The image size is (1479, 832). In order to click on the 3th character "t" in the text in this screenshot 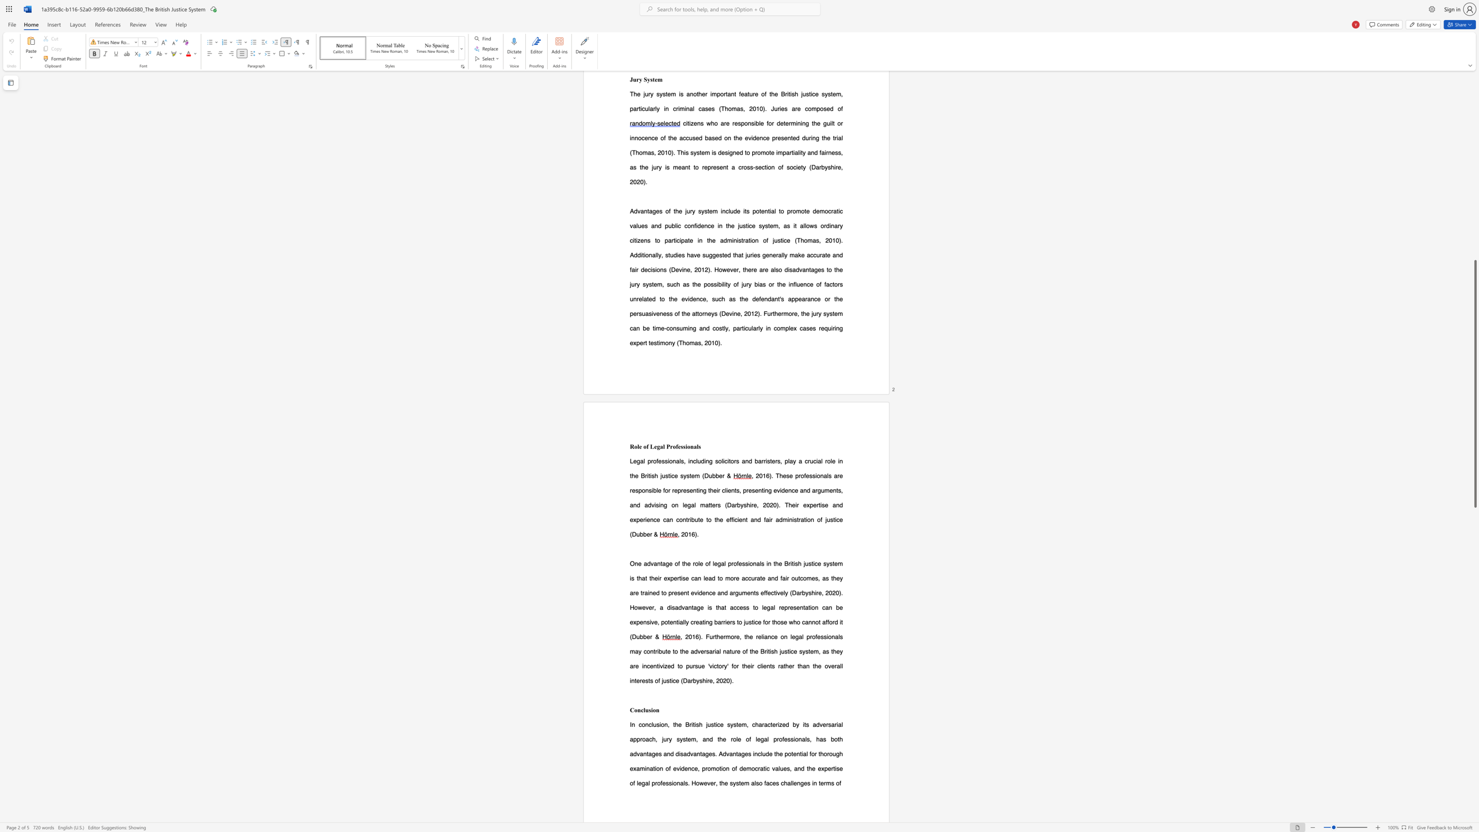, I will do `click(707, 519)`.